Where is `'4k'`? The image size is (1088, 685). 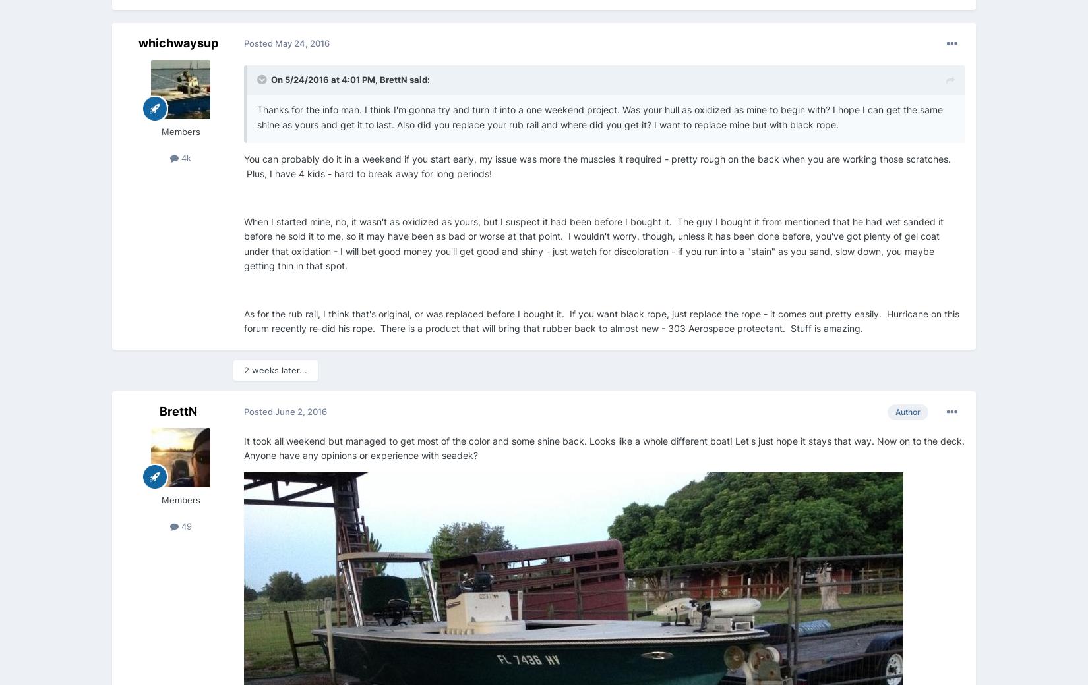
'4k' is located at coordinates (185, 158).